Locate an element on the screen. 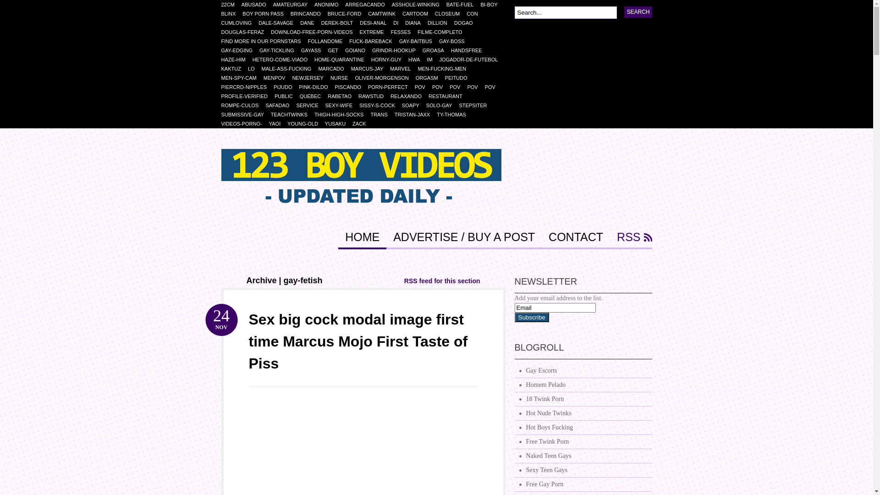 The width and height of the screenshot is (880, 495). 'BRINCANDO' is located at coordinates (309, 14).